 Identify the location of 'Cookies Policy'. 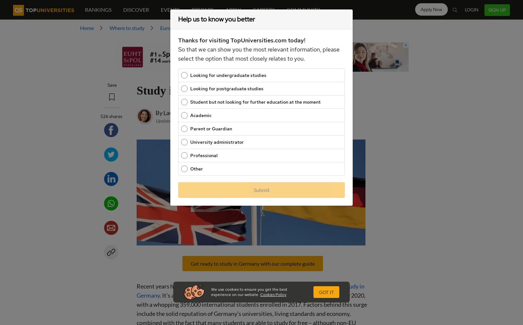
(273, 294).